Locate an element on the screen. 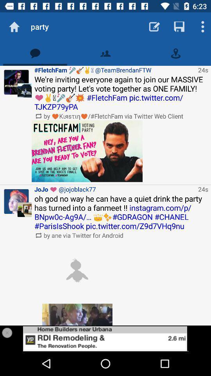  profile is located at coordinates (105, 338).